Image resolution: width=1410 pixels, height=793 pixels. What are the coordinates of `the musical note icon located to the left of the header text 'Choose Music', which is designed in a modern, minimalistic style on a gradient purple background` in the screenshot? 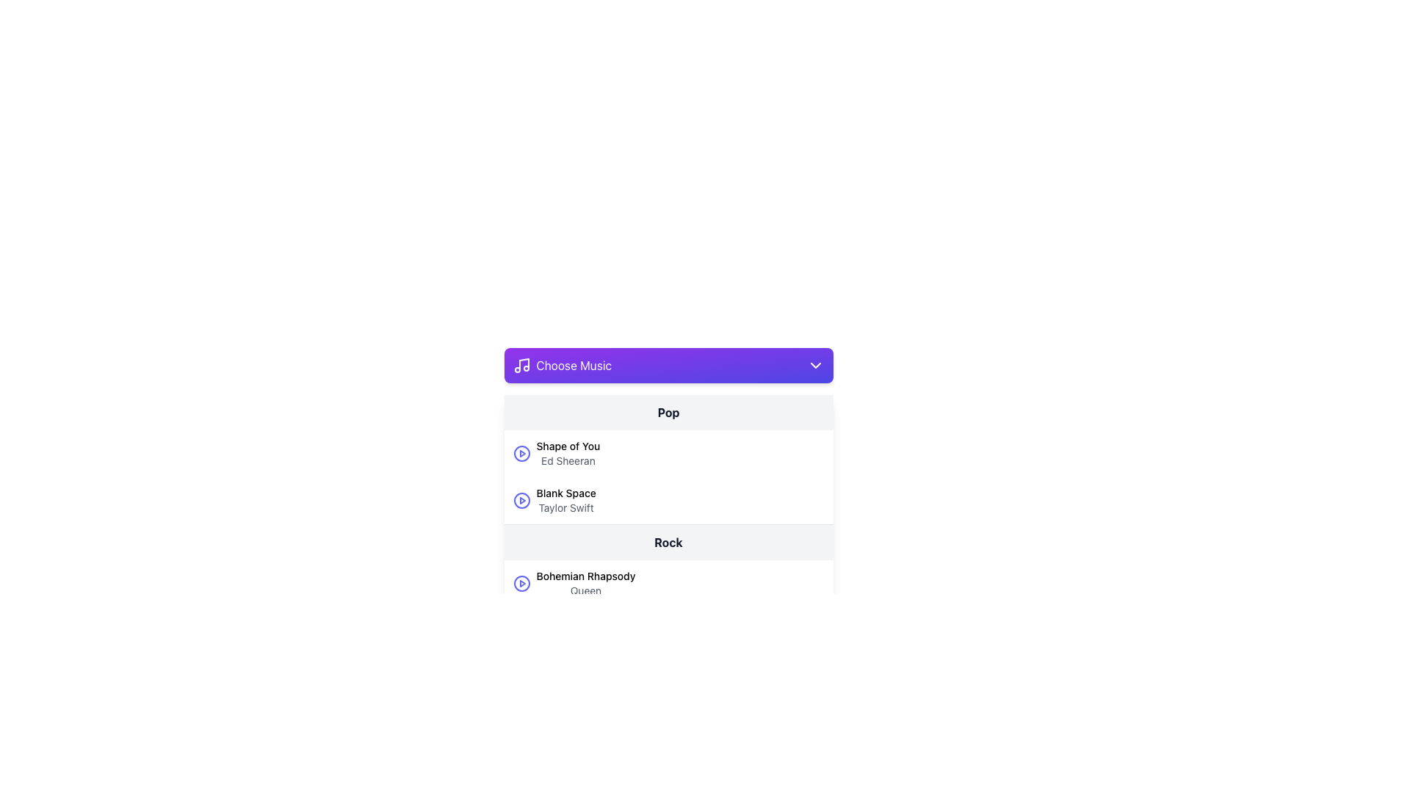 It's located at (521, 364).